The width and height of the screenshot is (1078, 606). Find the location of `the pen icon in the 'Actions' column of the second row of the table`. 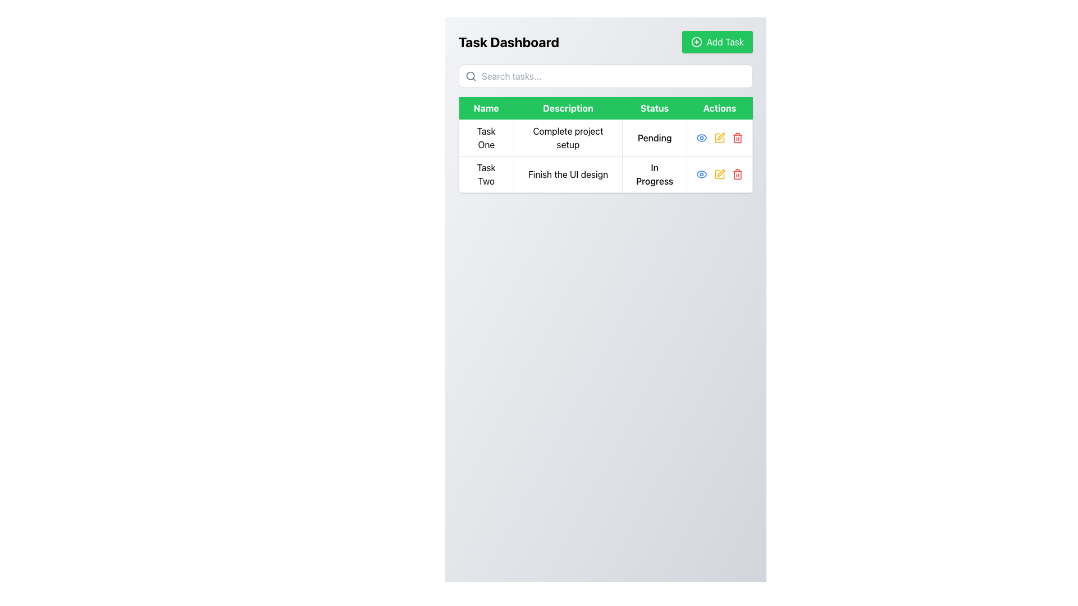

the pen icon in the 'Actions' column of the second row of the table is located at coordinates (720, 136).